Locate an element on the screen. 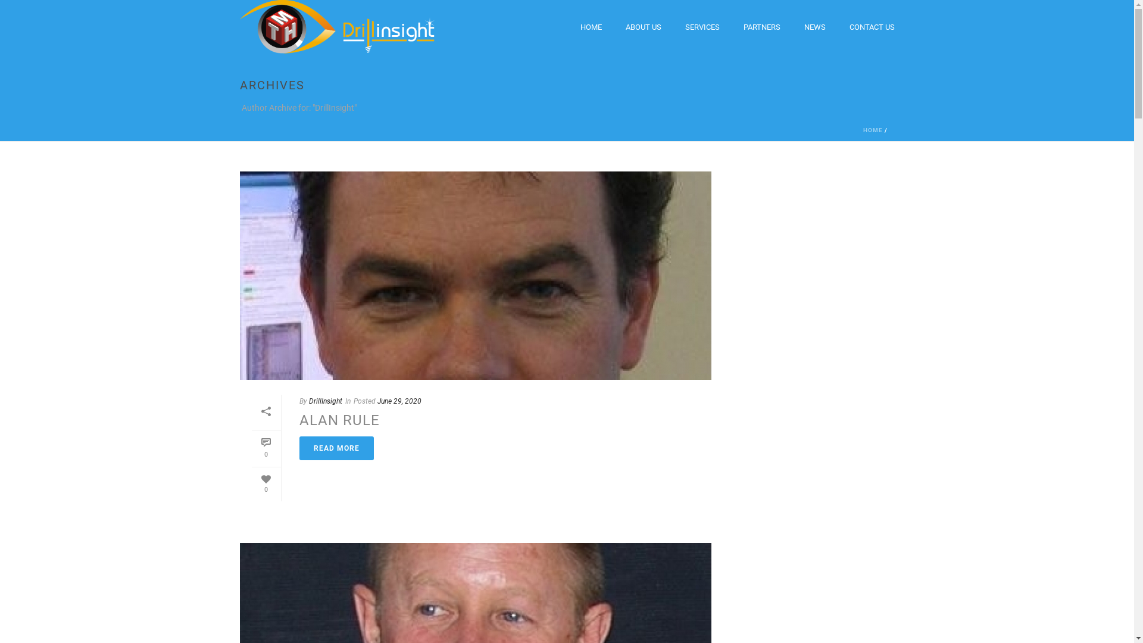 The height and width of the screenshot is (643, 1143). 'NEWS' is located at coordinates (814, 27).